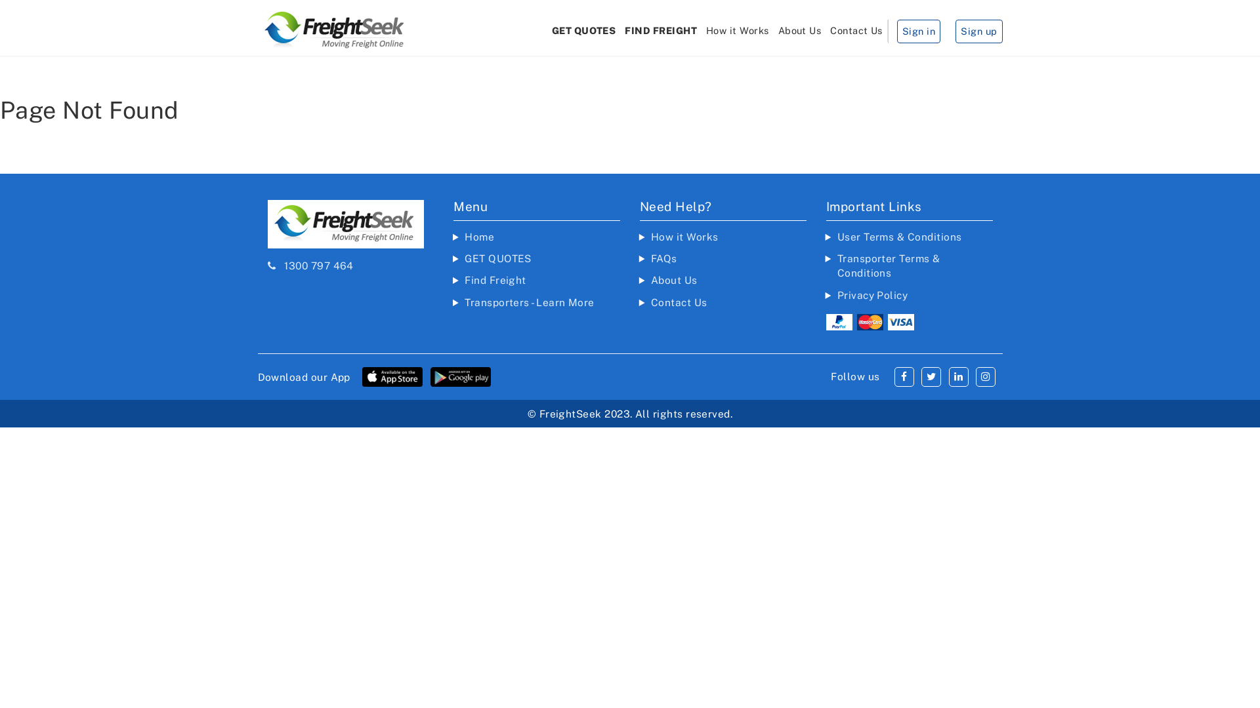  I want to click on 'Sign up', so click(978, 30).